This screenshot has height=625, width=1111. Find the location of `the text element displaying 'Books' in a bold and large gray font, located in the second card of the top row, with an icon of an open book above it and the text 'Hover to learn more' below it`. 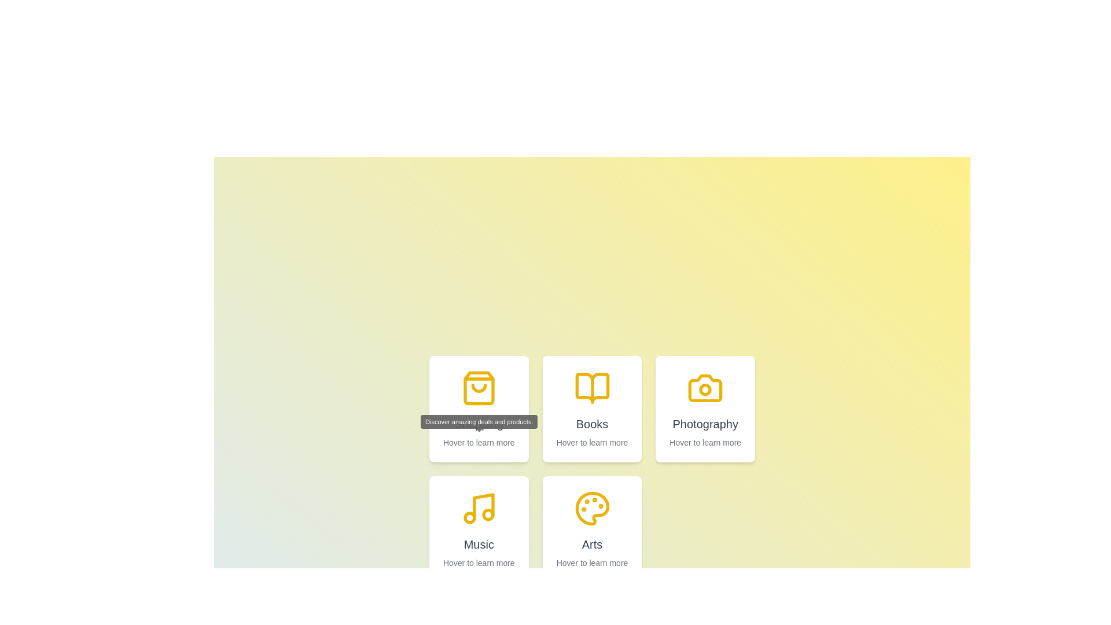

the text element displaying 'Books' in a bold and large gray font, located in the second card of the top row, with an icon of an open book above it and the text 'Hover to learn more' below it is located at coordinates (592, 424).